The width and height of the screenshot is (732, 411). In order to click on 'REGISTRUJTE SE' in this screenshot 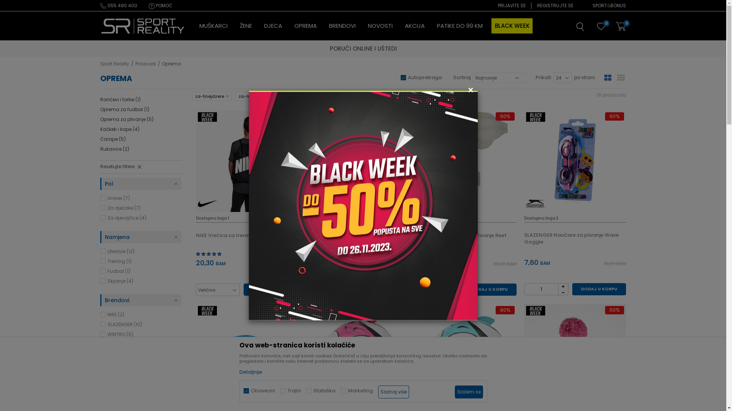, I will do `click(555, 6)`.